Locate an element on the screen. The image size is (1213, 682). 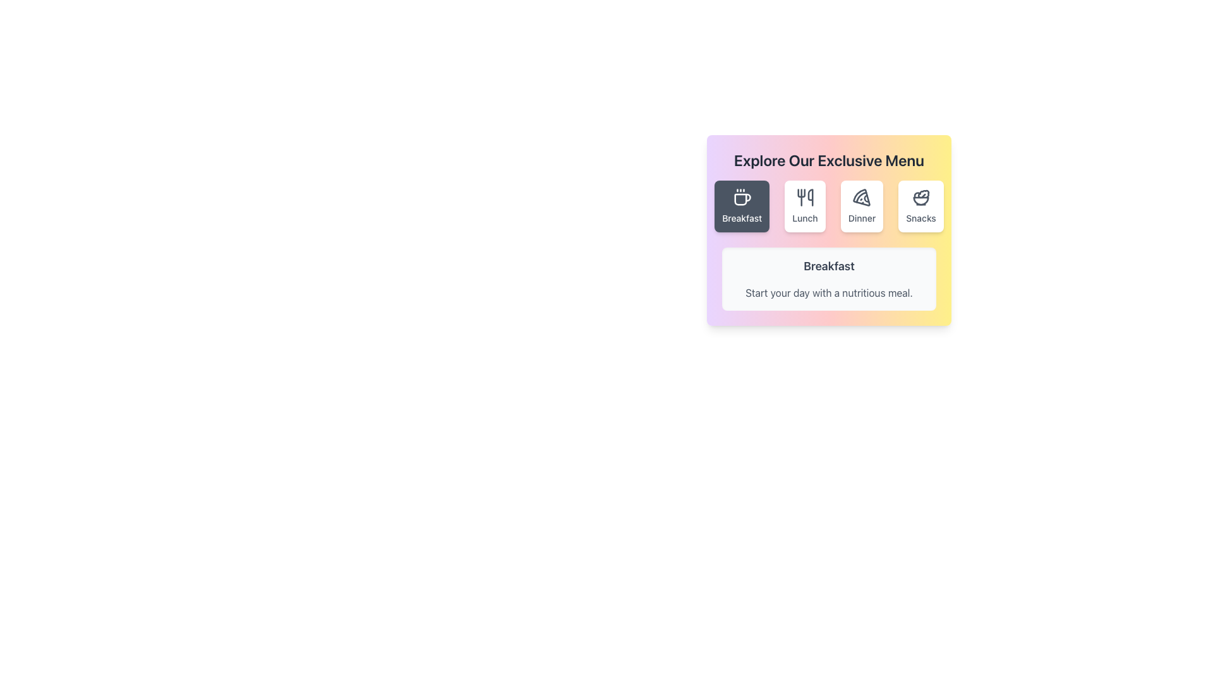
the 'Lunch' category button in the menu selection interface to filter or display lunch-specific content is located at coordinates (804, 206).